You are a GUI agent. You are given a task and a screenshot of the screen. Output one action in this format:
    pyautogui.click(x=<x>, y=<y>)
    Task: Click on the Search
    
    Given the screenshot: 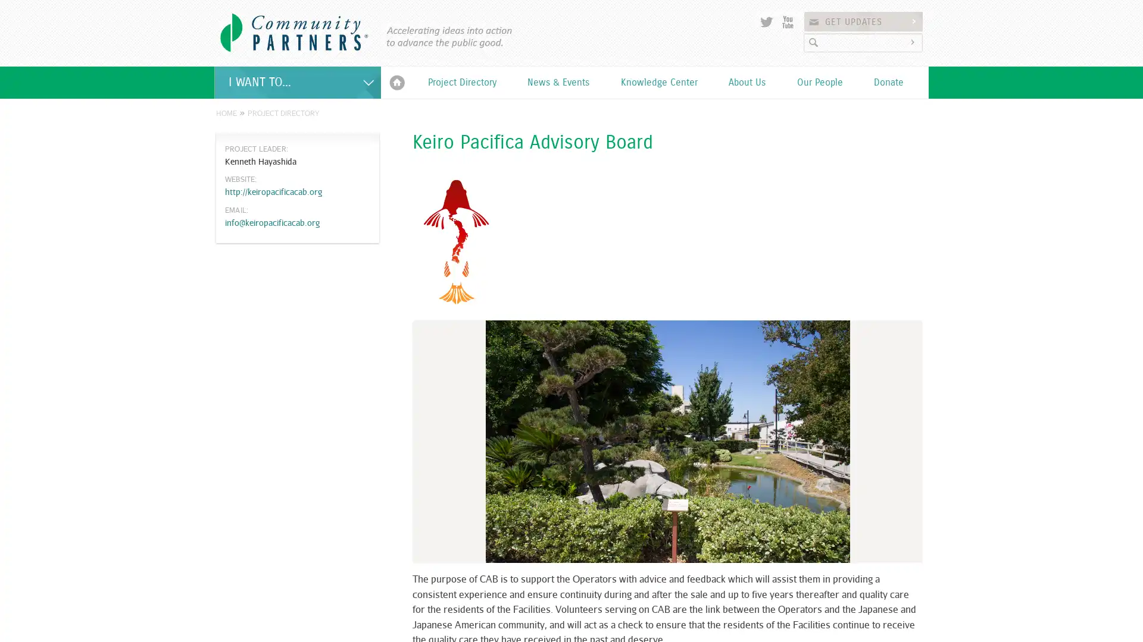 What is the action you would take?
    pyautogui.click(x=914, y=42)
    